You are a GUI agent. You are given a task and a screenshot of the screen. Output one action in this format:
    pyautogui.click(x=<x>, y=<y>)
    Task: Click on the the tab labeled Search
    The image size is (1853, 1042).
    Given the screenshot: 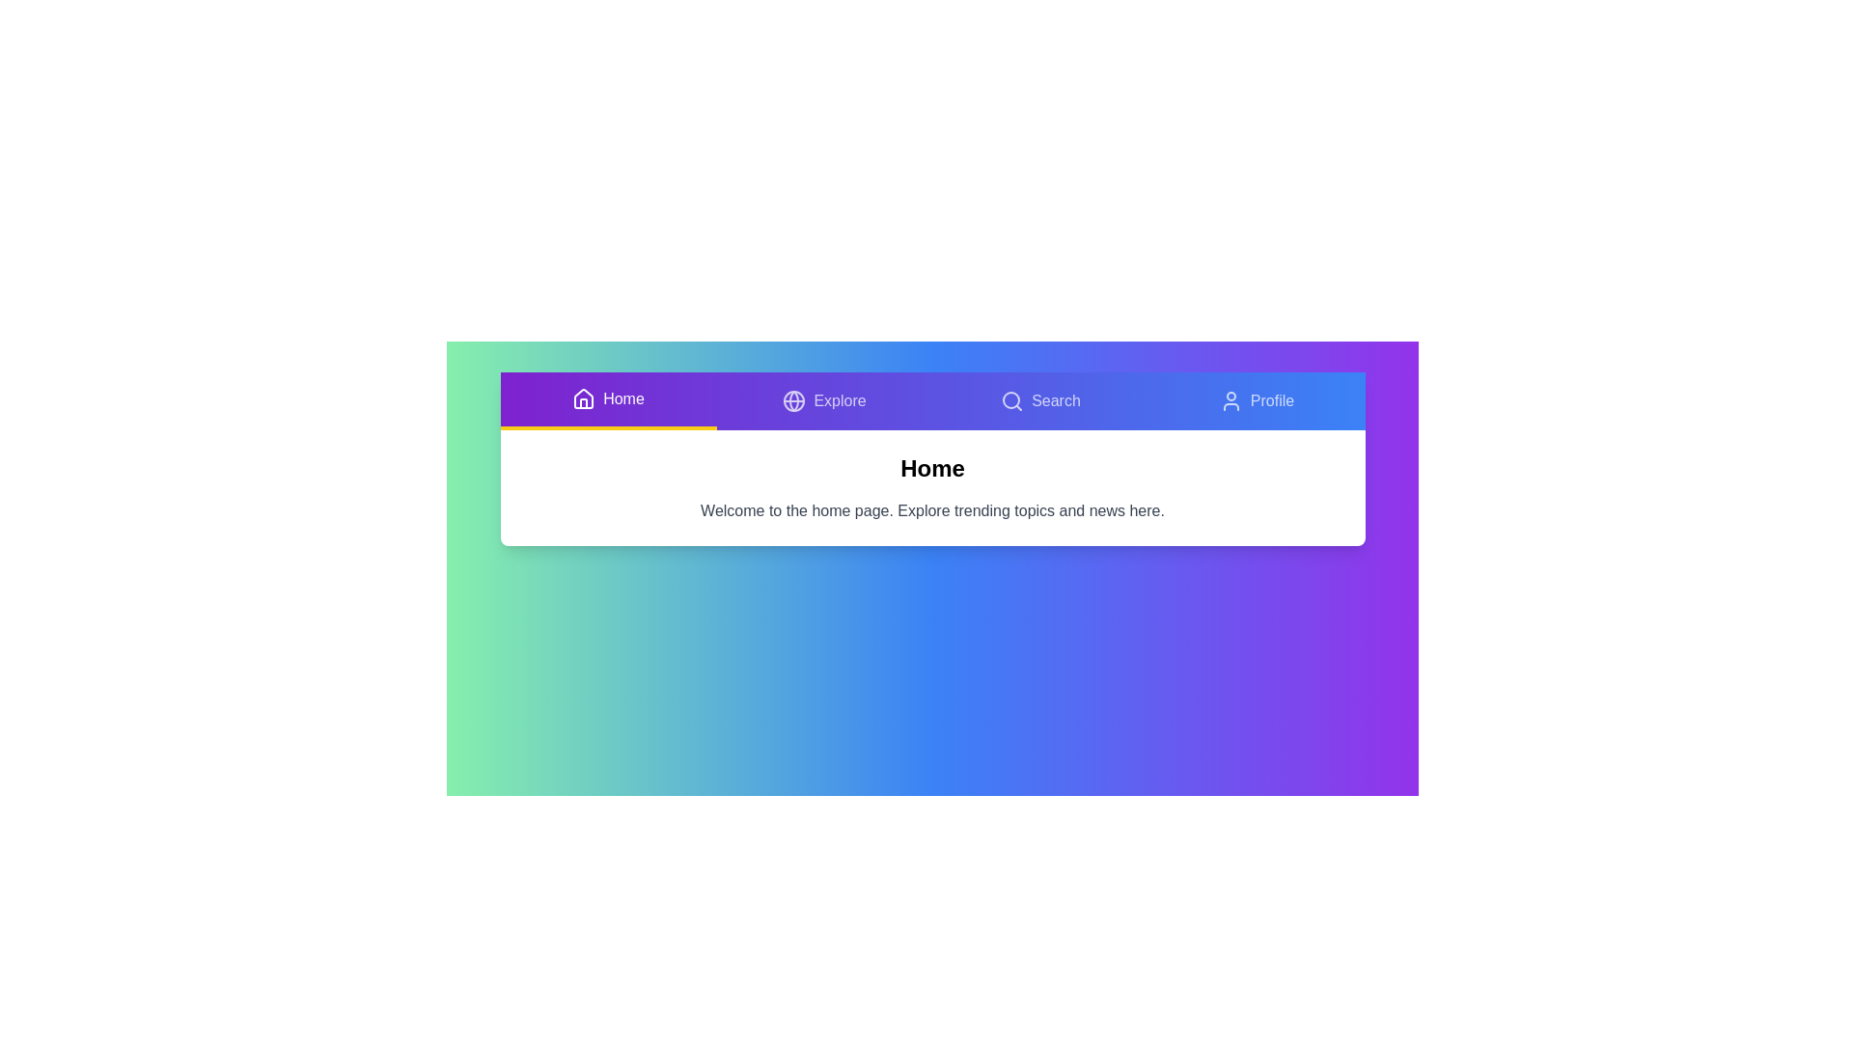 What is the action you would take?
    pyautogui.click(x=1039, y=400)
    